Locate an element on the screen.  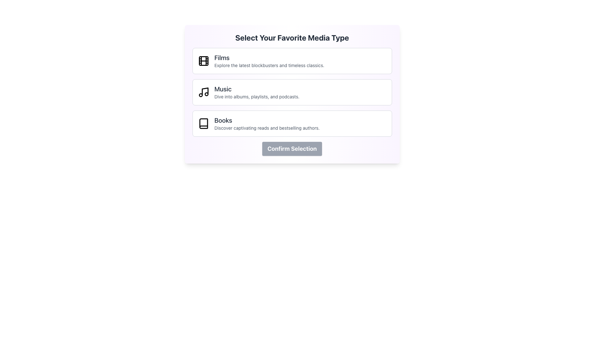
the Text Description element that serves as a subtitle for the main topic 'Books', located below the title 'Books' in the third row of a vertical list layout is located at coordinates (267, 128).